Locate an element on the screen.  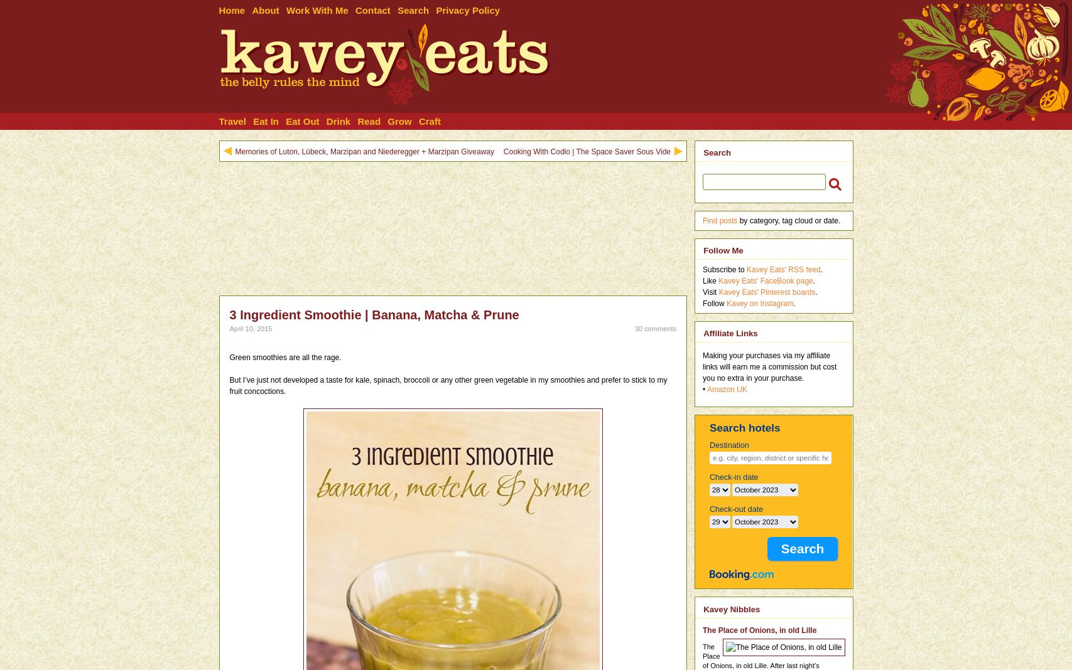
'Home' is located at coordinates (232, 9).